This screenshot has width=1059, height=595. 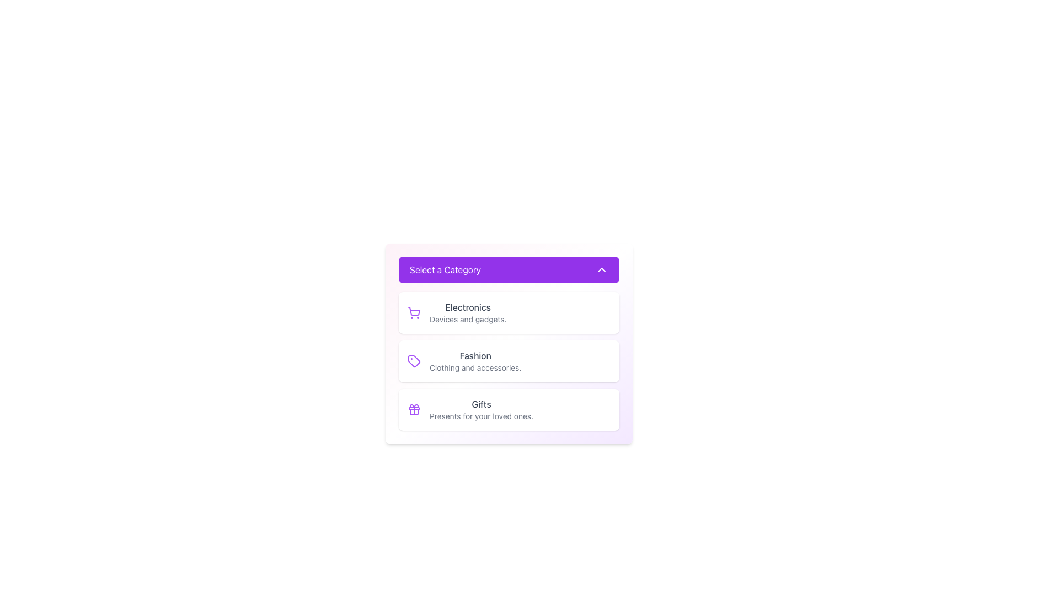 I want to click on the 'Fashion' category item in the pop-up menu, so click(x=508, y=343).